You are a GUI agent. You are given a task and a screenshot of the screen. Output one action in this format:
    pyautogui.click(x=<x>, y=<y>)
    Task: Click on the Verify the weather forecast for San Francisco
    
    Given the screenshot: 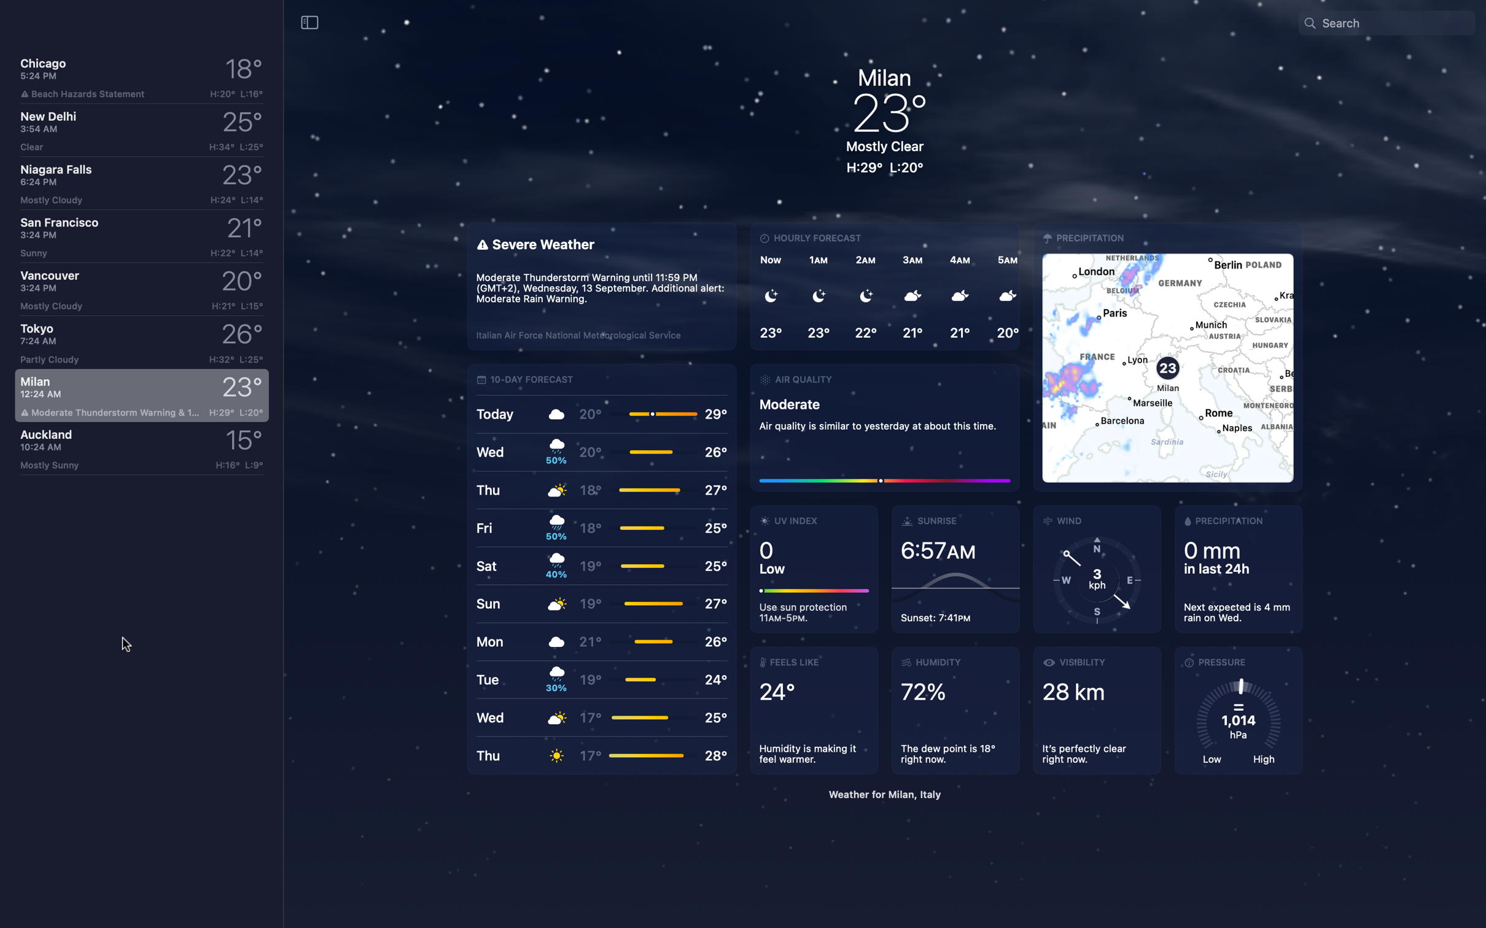 What is the action you would take?
    pyautogui.click(x=139, y=234)
    